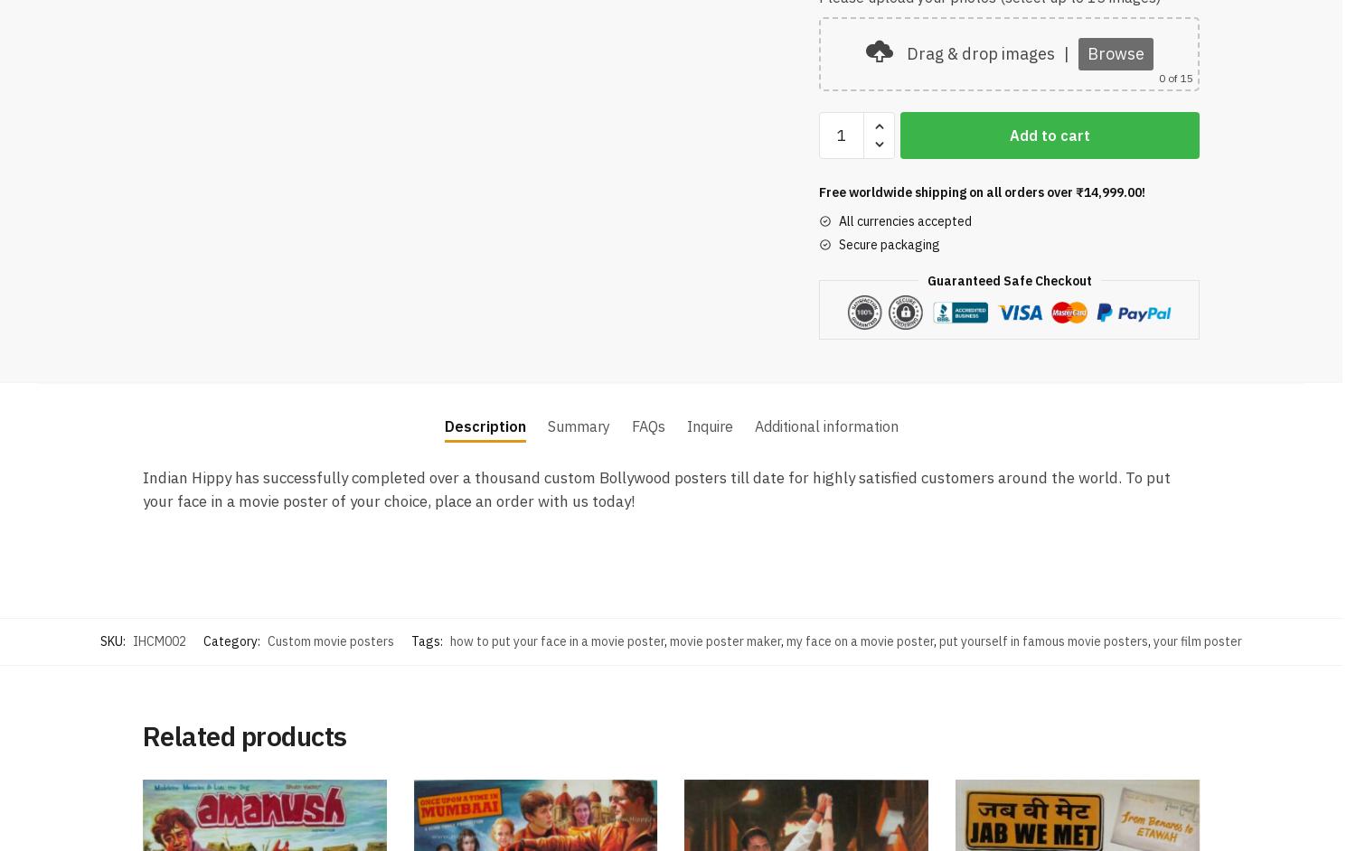 The image size is (1356, 851). Describe the element at coordinates (1050, 131) in the screenshot. I see `'Add to cart'` at that location.